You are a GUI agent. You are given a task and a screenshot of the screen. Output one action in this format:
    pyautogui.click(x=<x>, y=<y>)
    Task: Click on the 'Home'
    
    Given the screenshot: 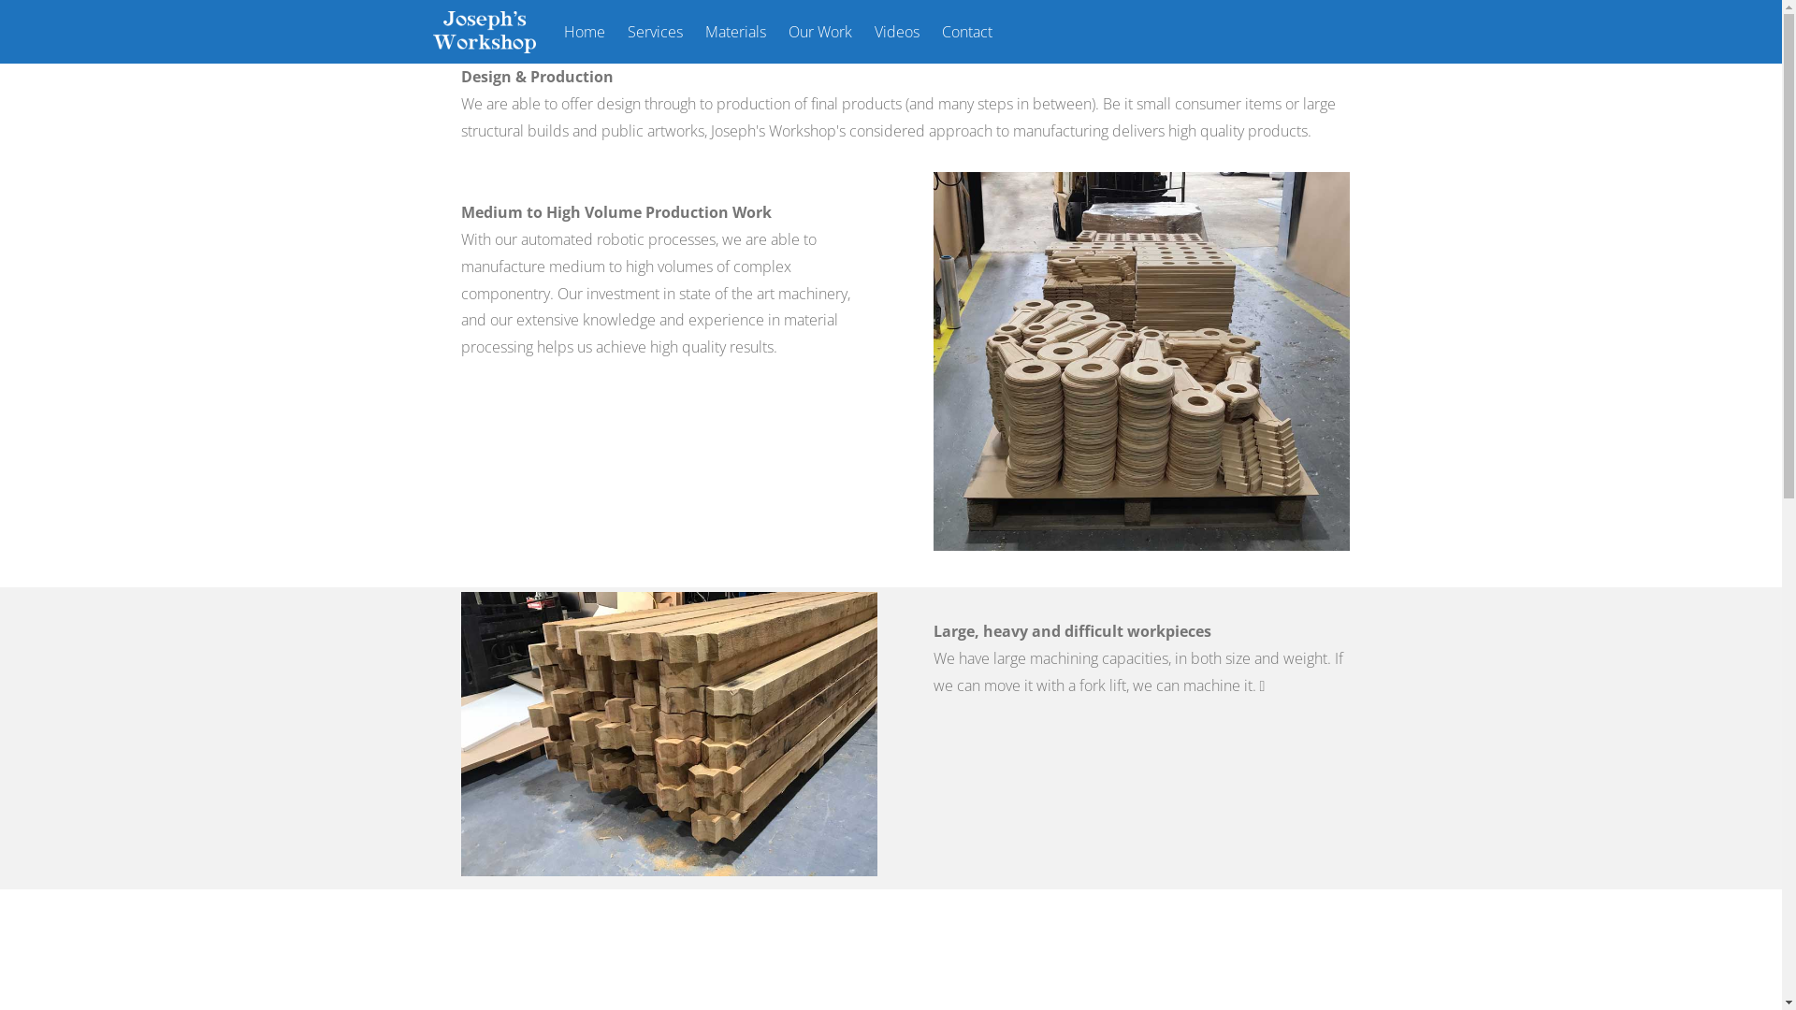 What is the action you would take?
    pyautogui.click(x=583, y=32)
    